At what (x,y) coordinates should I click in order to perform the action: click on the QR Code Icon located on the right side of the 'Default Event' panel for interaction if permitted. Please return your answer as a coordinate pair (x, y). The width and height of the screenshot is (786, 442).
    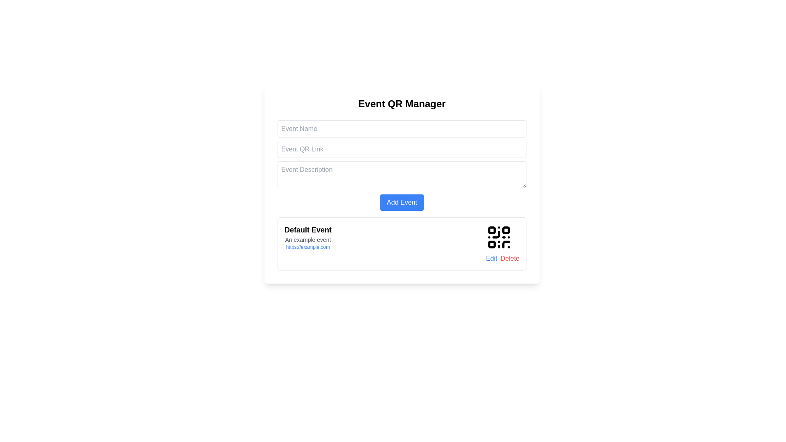
    Looking at the image, I should click on (499, 237).